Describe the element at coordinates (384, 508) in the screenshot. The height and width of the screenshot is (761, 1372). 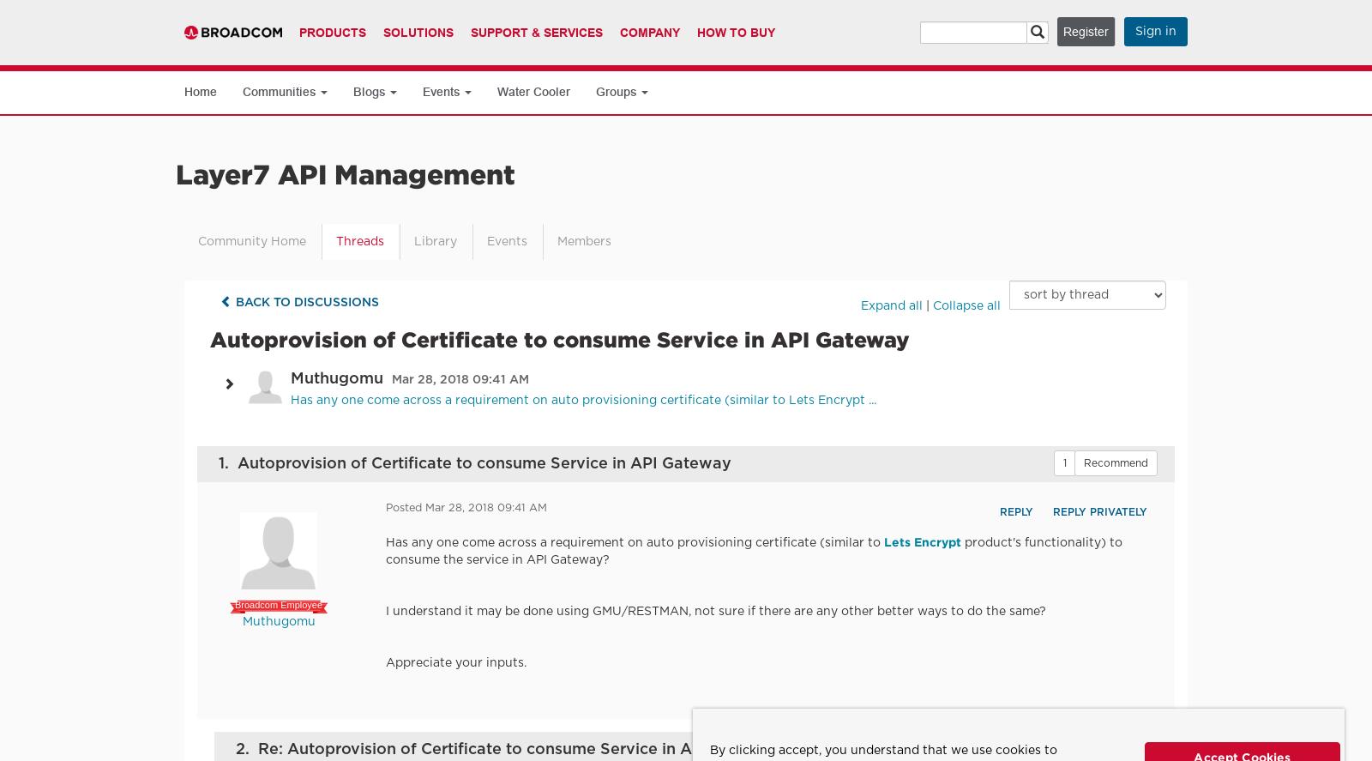
I see `'Posted Mar 28, 2018 09:41 AM'` at that location.